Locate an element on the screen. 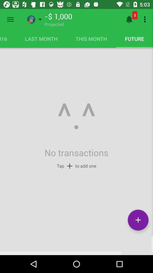 The height and width of the screenshot is (273, 153). open menu is located at coordinates (10, 19).